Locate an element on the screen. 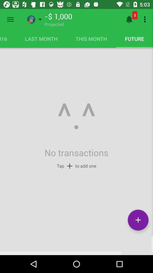 The height and width of the screenshot is (273, 153). open menu is located at coordinates (10, 19).